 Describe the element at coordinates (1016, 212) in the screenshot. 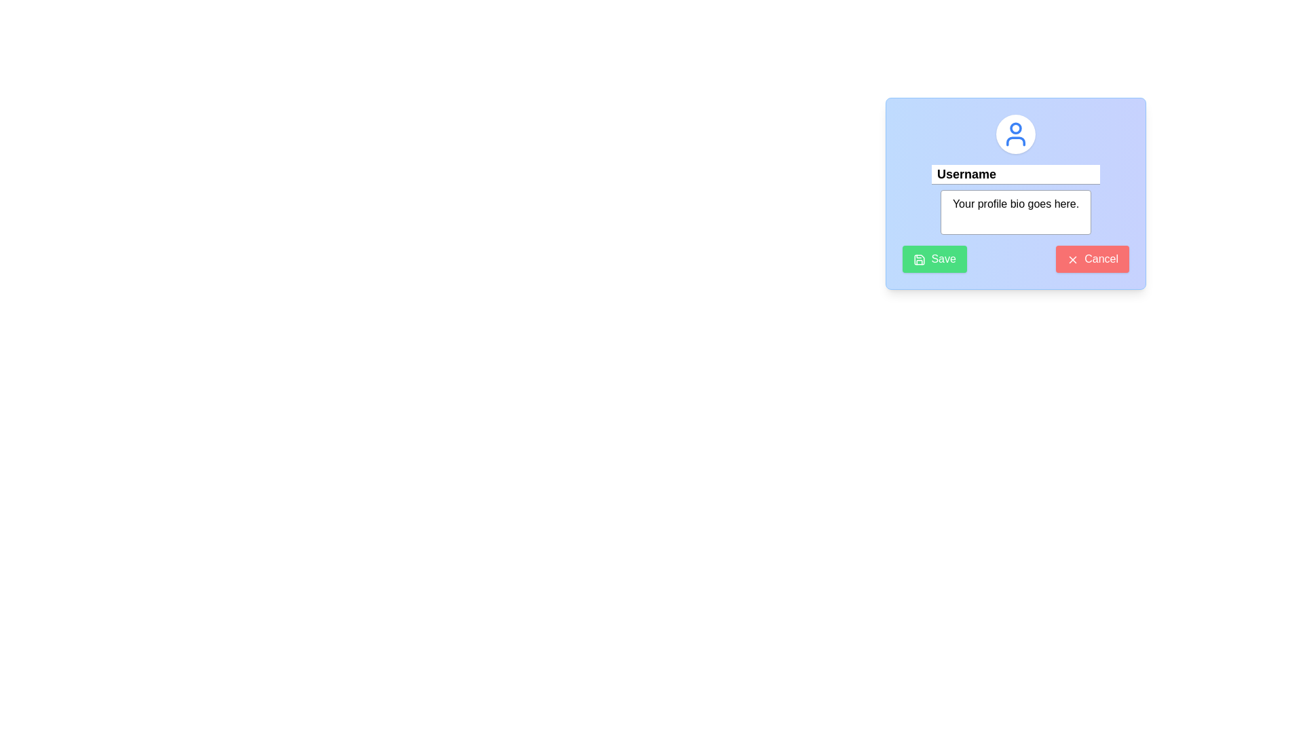

I see `inside the profile bio text input area to focus and prepare for text entry` at that location.